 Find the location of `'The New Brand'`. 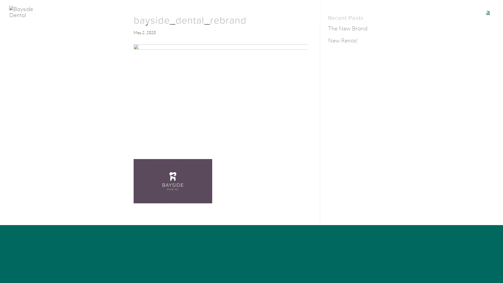

'The New Brand' is located at coordinates (348, 28).